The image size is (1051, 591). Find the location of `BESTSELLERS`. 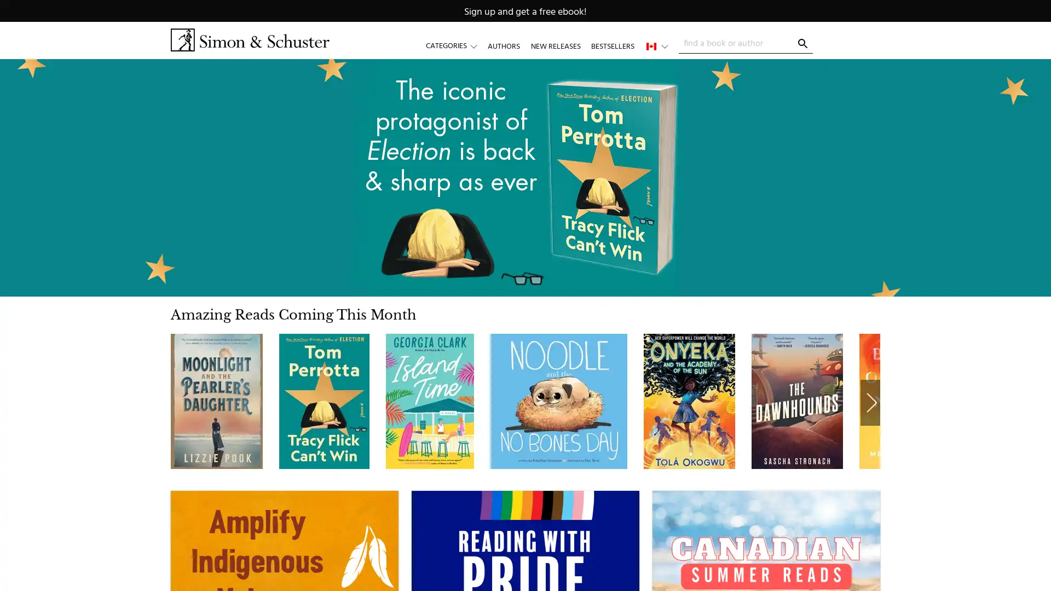

BESTSELLERS is located at coordinates (611, 45).